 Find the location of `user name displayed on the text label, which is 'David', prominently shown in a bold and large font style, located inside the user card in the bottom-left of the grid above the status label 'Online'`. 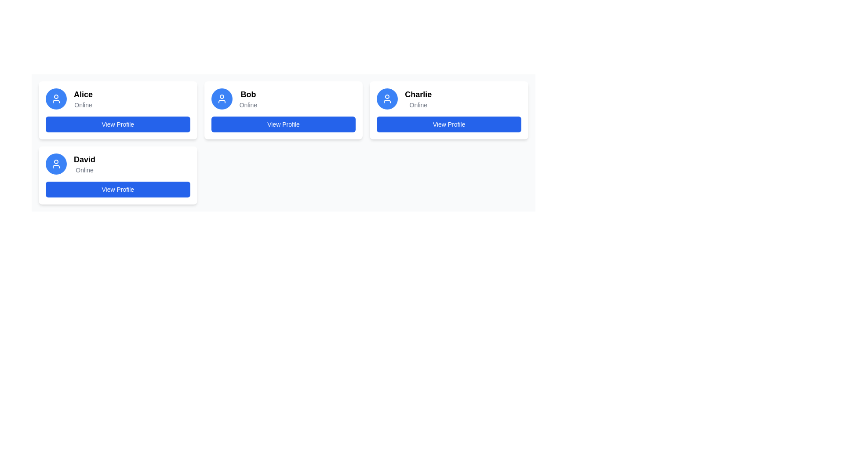

user name displayed on the text label, which is 'David', prominently shown in a bold and large font style, located inside the user card in the bottom-left of the grid above the status label 'Online' is located at coordinates (84, 159).